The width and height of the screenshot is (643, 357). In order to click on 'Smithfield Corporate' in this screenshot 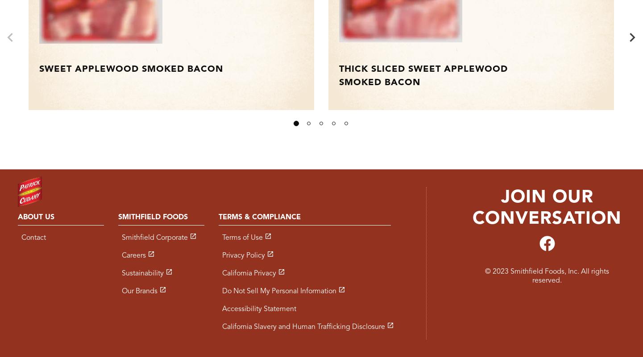, I will do `click(153, 238)`.